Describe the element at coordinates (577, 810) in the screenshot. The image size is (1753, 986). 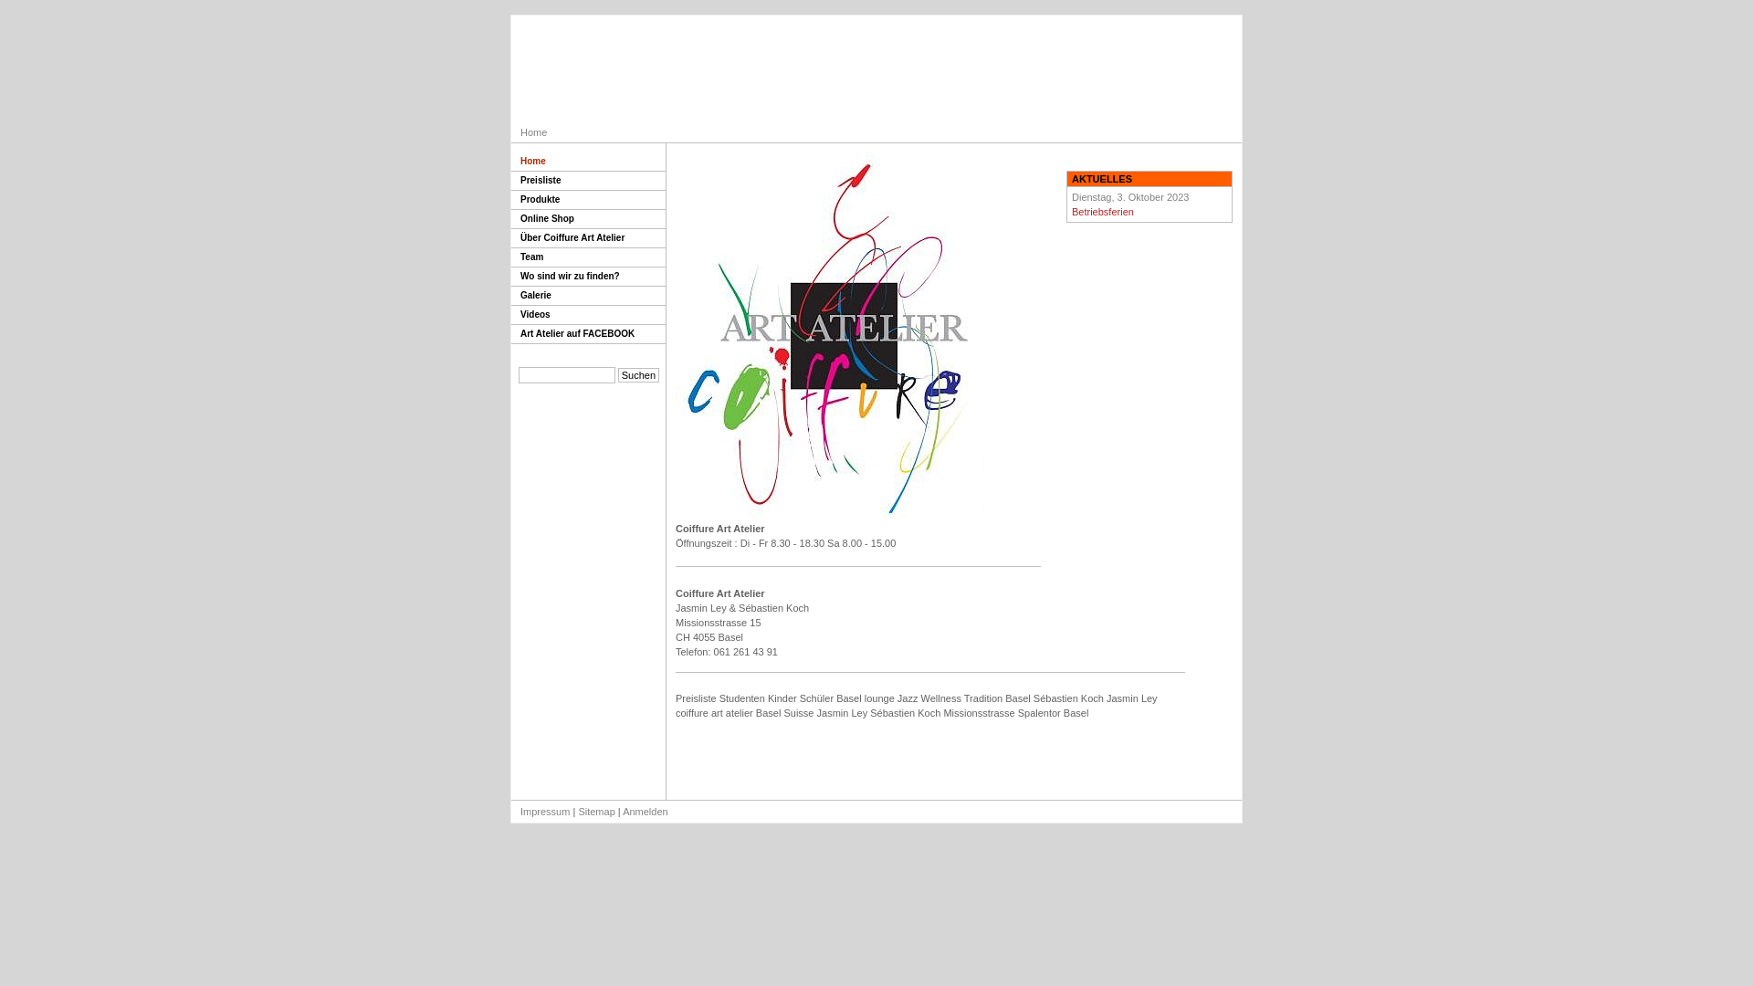
I see `'Sitemap'` at that location.